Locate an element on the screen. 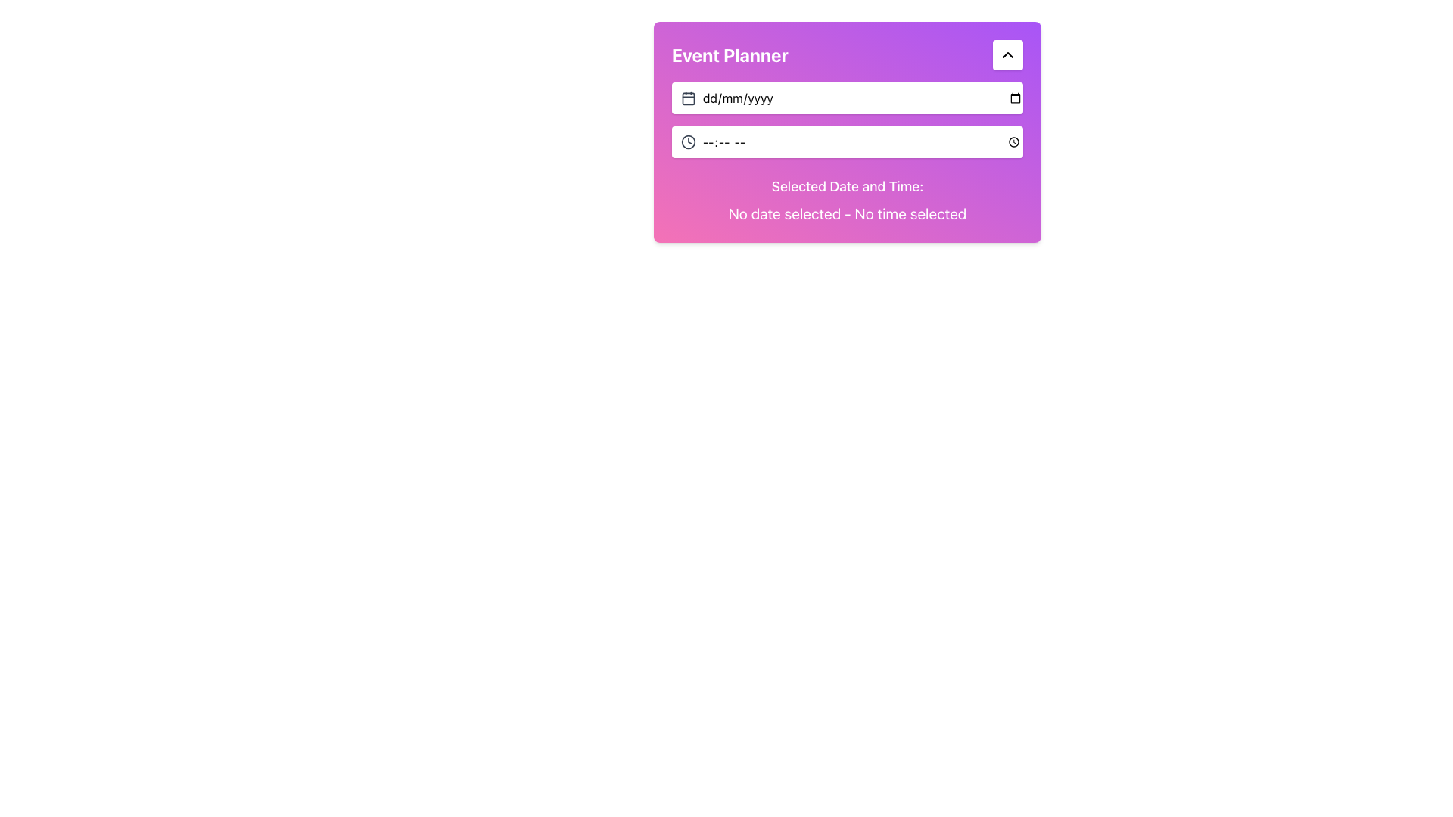 The height and width of the screenshot is (817, 1453). the bold text label displaying 'Event Planner' at the top center of the header section is located at coordinates (730, 54).